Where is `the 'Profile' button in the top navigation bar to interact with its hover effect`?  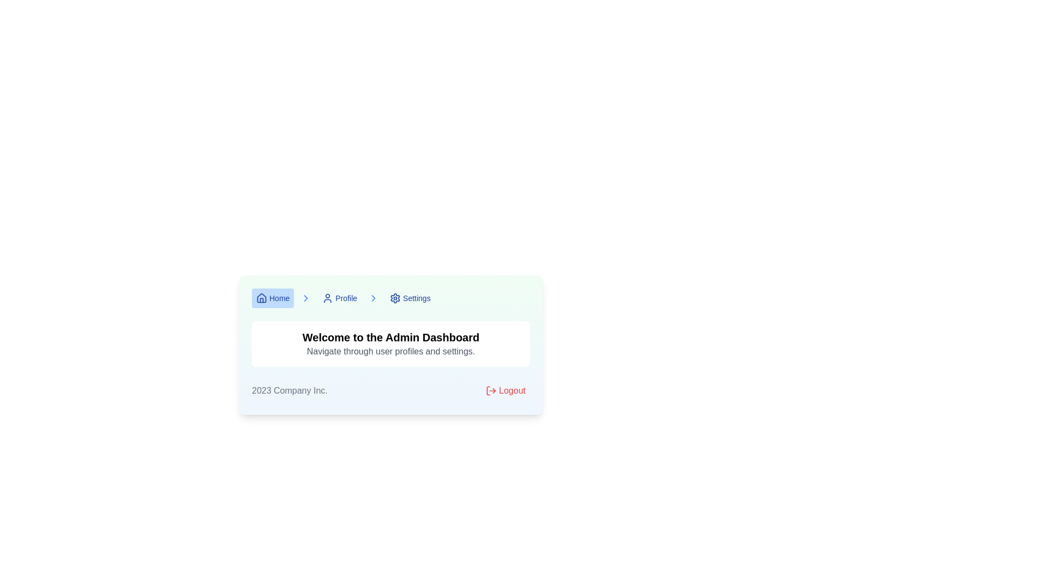
the 'Profile' button in the top navigation bar to interact with its hover effect is located at coordinates (339, 298).